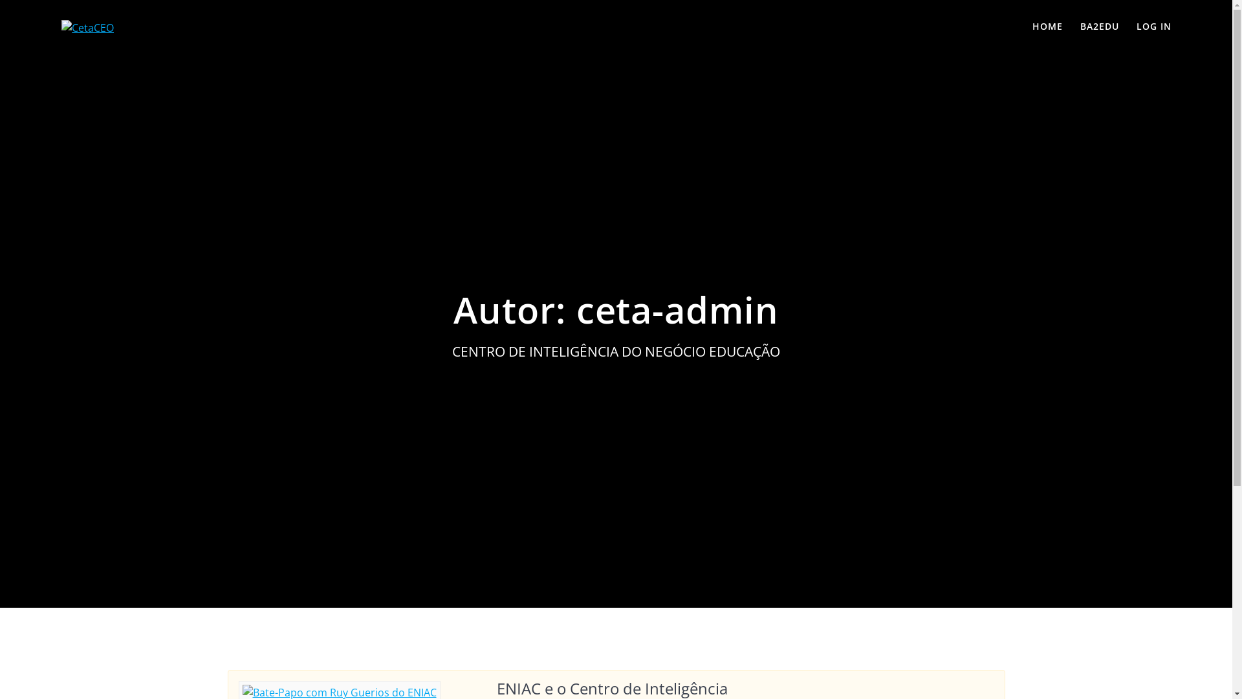 Image resolution: width=1242 pixels, height=699 pixels. Describe the element at coordinates (1154, 27) in the screenshot. I see `'LOG IN'` at that location.